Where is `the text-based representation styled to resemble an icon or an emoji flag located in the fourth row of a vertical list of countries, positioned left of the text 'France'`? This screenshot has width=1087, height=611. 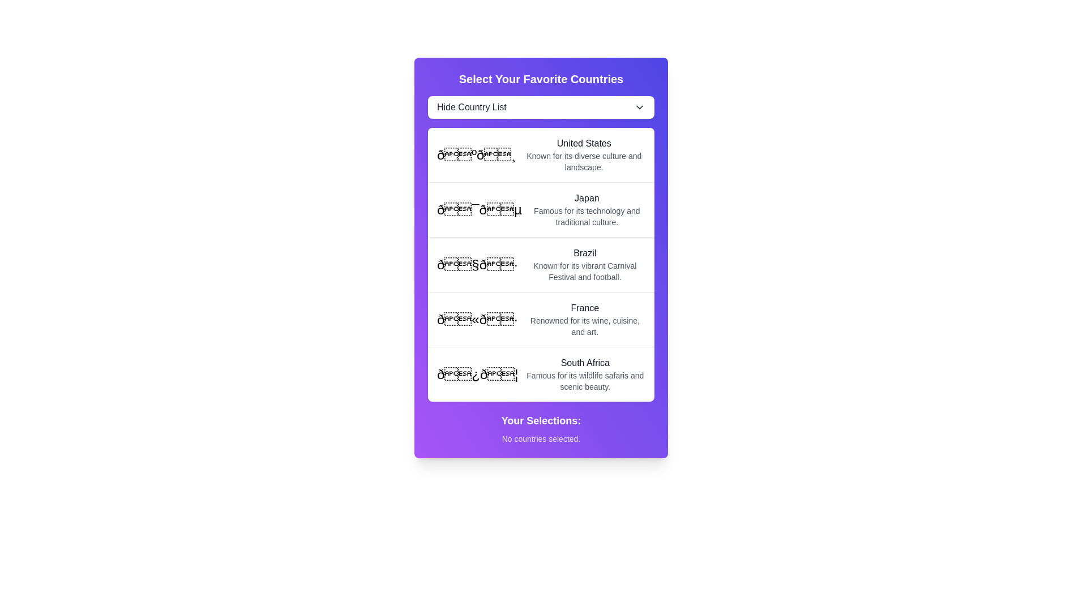
the text-based representation styled to resemble an icon or an emoji flag located in the fourth row of a vertical list of countries, positioned left of the text 'France' is located at coordinates (477, 319).